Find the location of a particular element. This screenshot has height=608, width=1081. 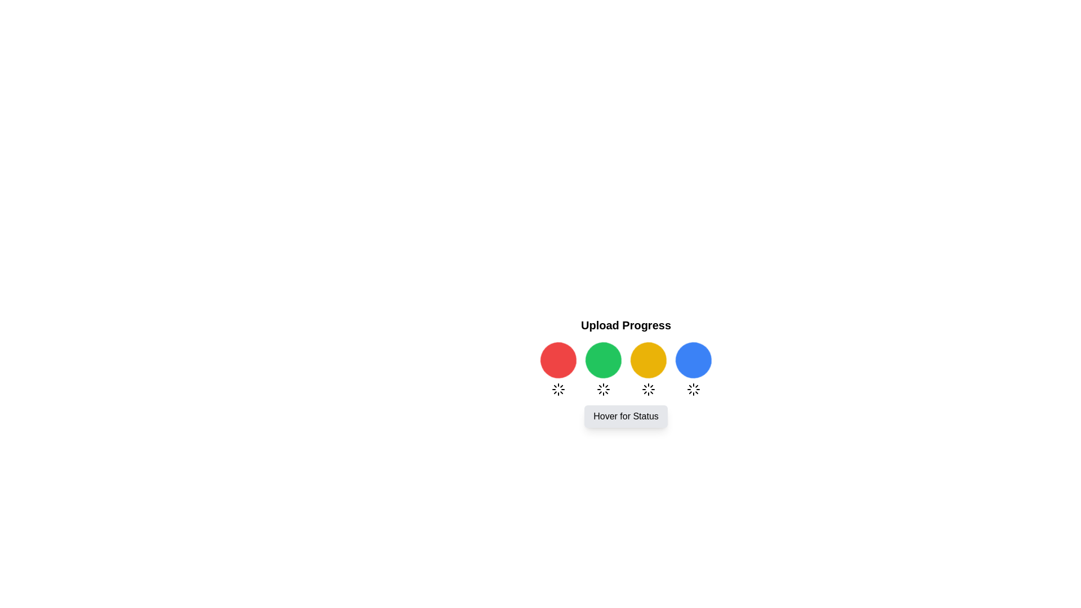

the 'Hover for Status' button at the bottom of the Progress Indicator with Action Button is located at coordinates (626, 373).